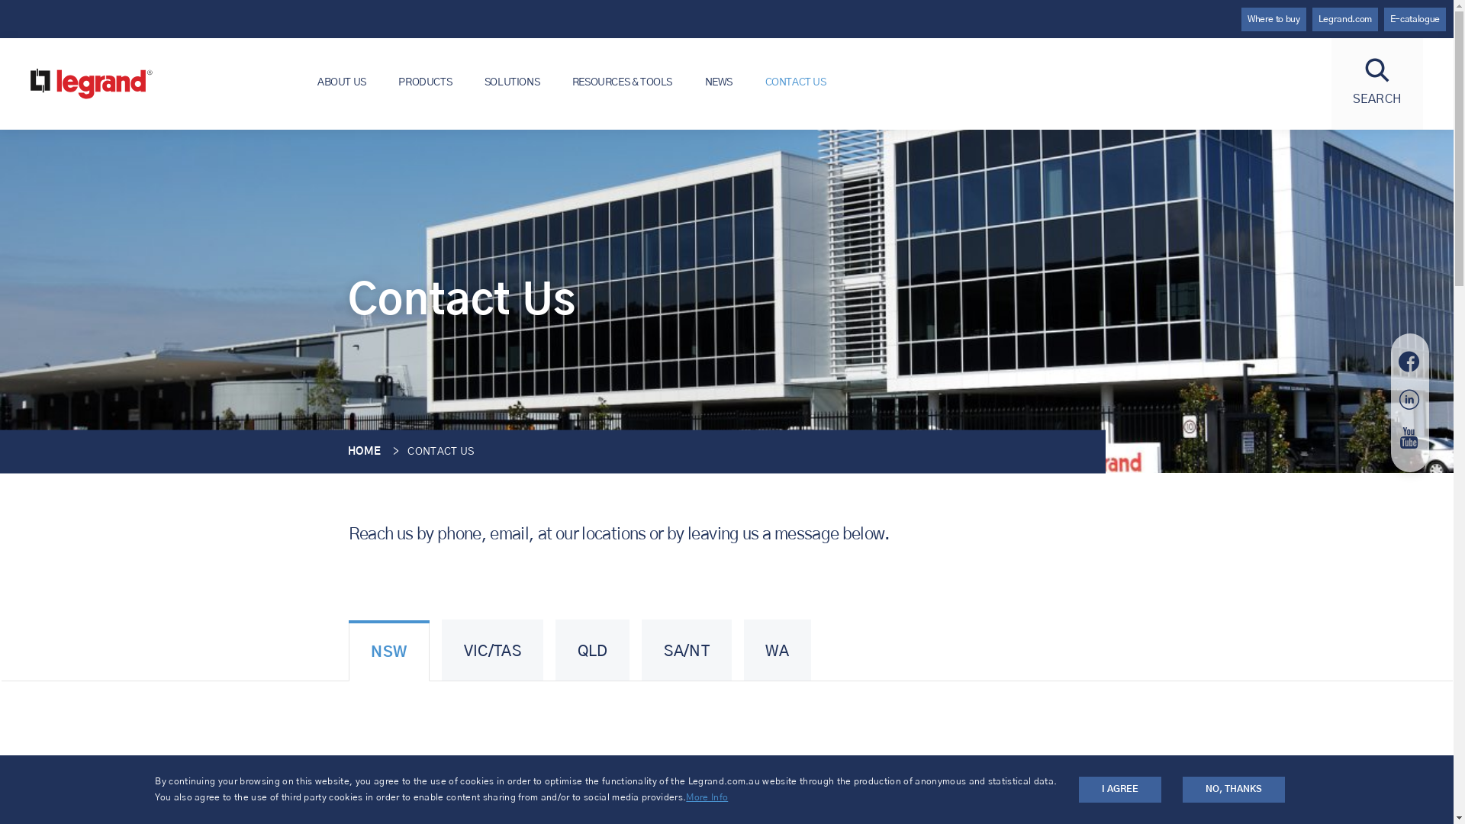 Image resolution: width=1465 pixels, height=824 pixels. What do you see at coordinates (555, 650) in the screenshot?
I see `'QLD'` at bounding box center [555, 650].